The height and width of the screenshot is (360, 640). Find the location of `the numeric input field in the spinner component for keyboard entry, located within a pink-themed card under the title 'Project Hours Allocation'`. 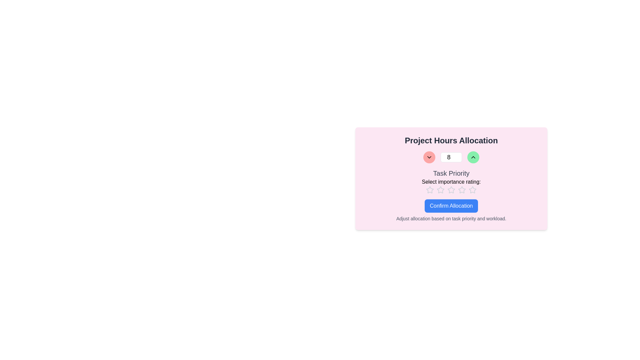

the numeric input field in the spinner component for keyboard entry, located within a pink-themed card under the title 'Project Hours Allocation' is located at coordinates (451, 157).